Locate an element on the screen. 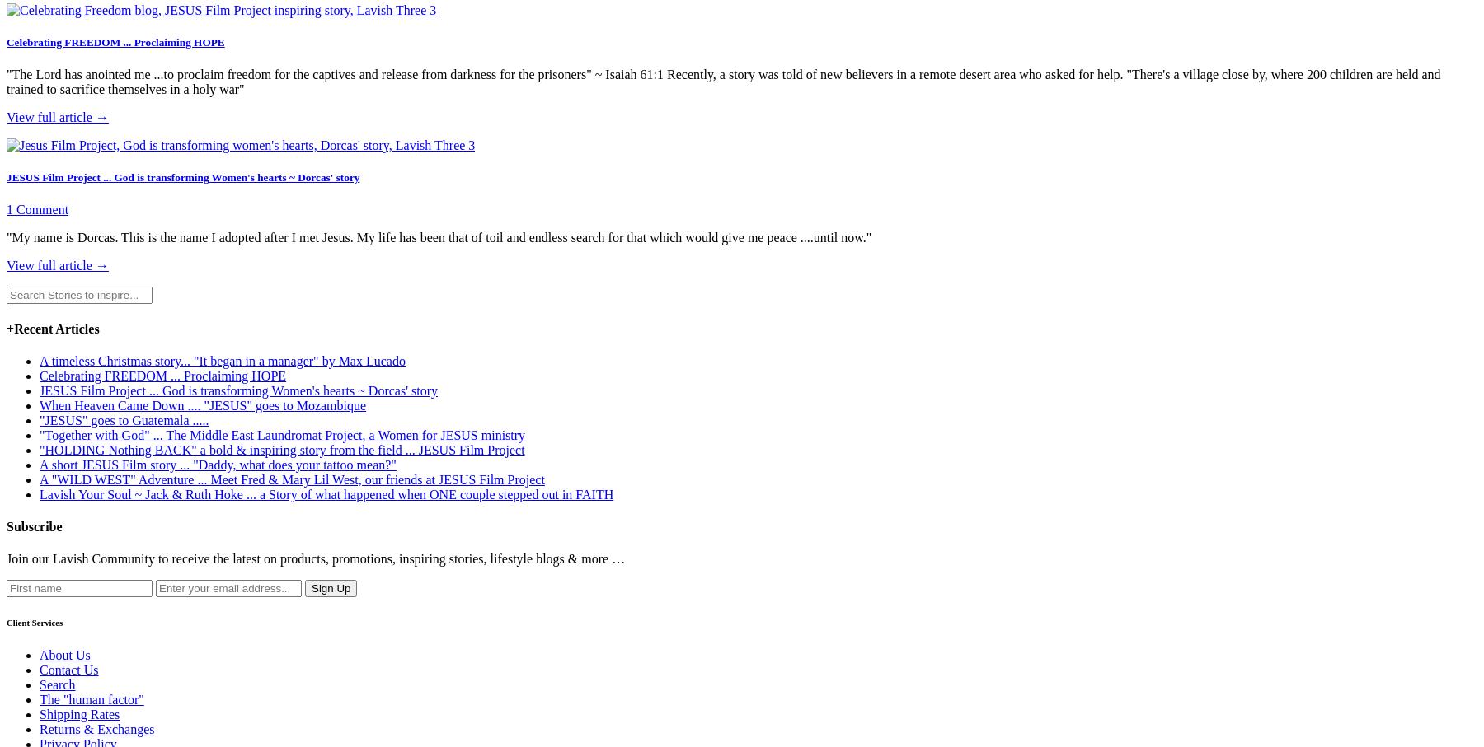 Image resolution: width=1484 pixels, height=747 pixels. 'Subscribe' is located at coordinates (33, 526).